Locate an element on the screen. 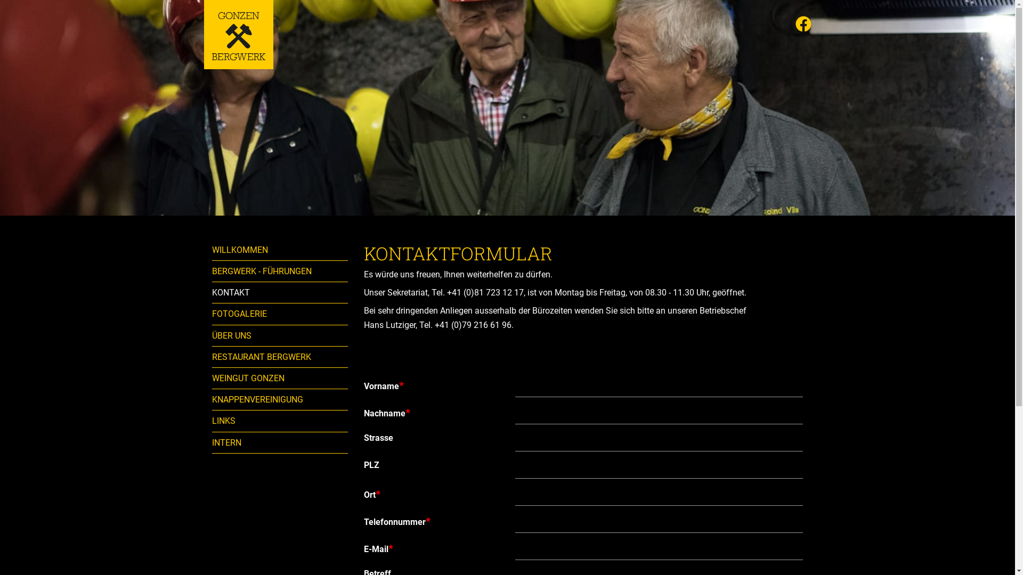  'KONTAKT' is located at coordinates (212, 292).